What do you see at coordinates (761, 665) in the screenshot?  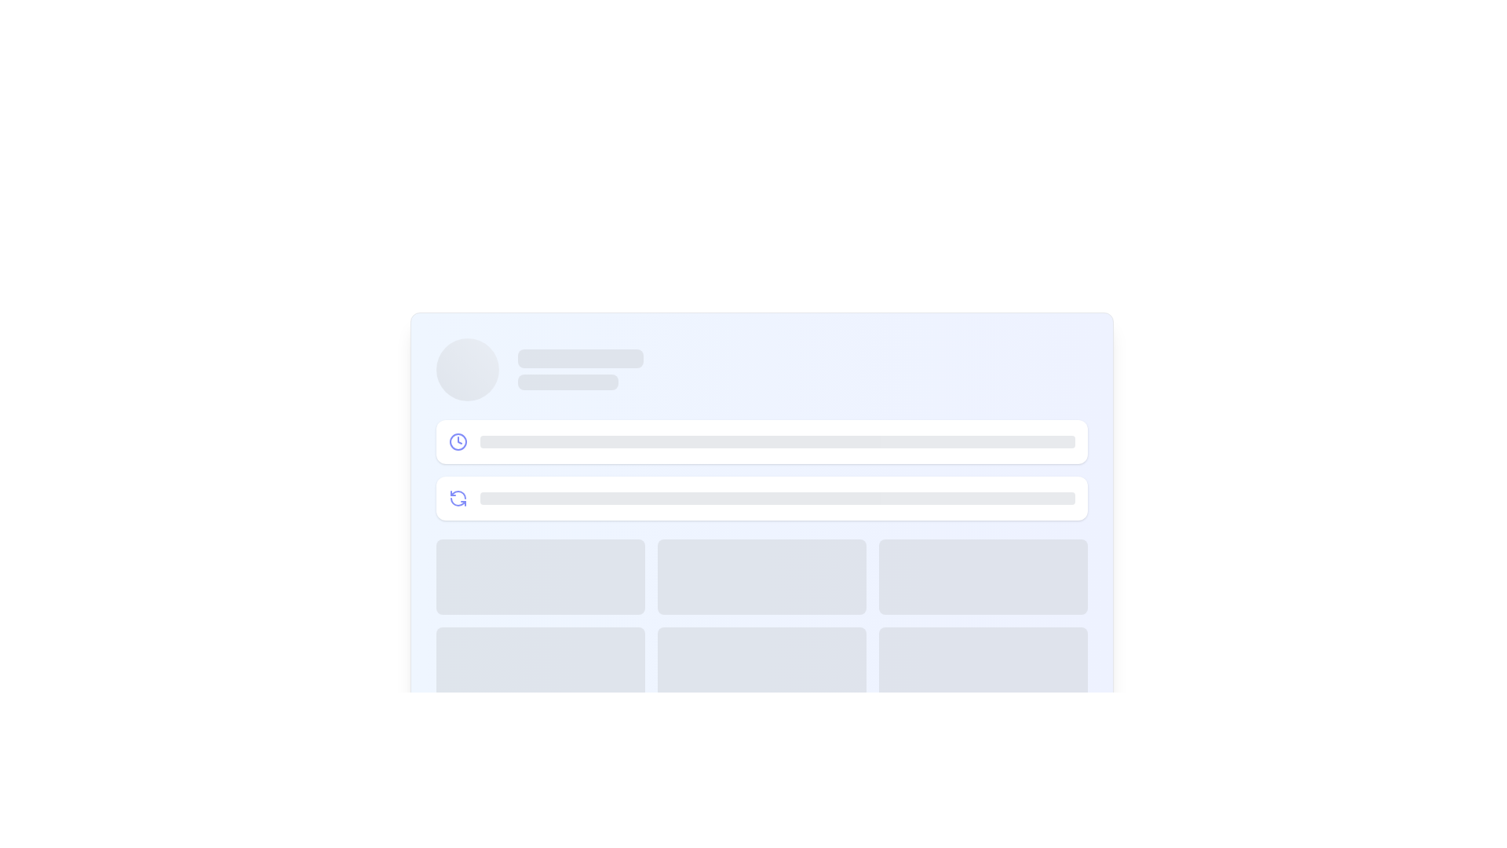 I see `Placeholder element located in the second row and second column of the grid layout for debugging purposes` at bounding box center [761, 665].